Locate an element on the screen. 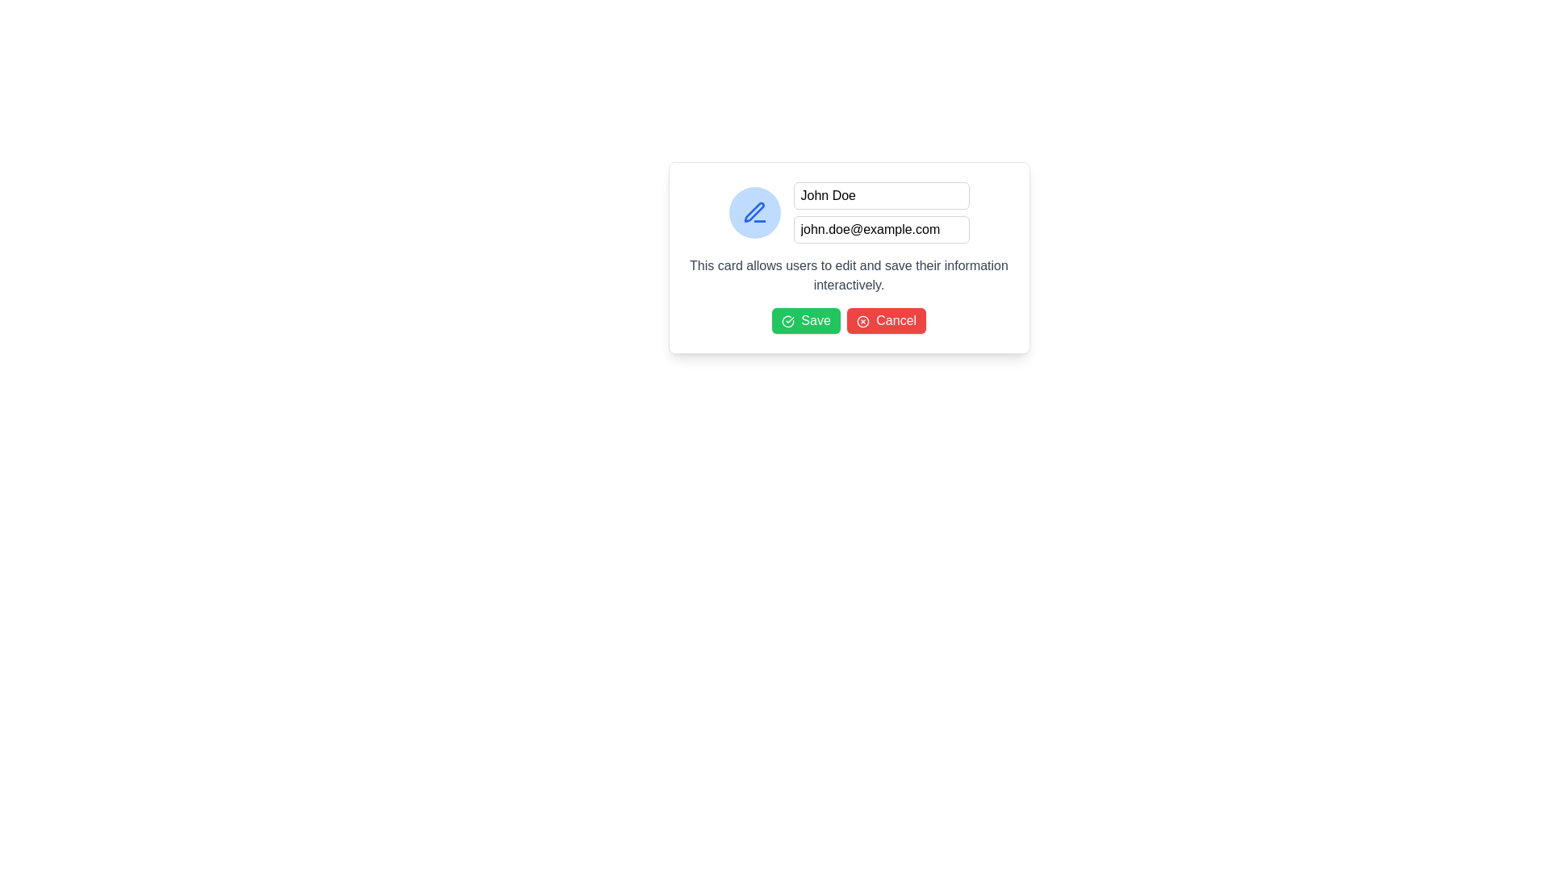 This screenshot has width=1549, height=871. the cancel icon located inside the 'Cancel' button at the bottom-right corner of the popup dialog to associate it with the cancel operation is located at coordinates (862, 321).